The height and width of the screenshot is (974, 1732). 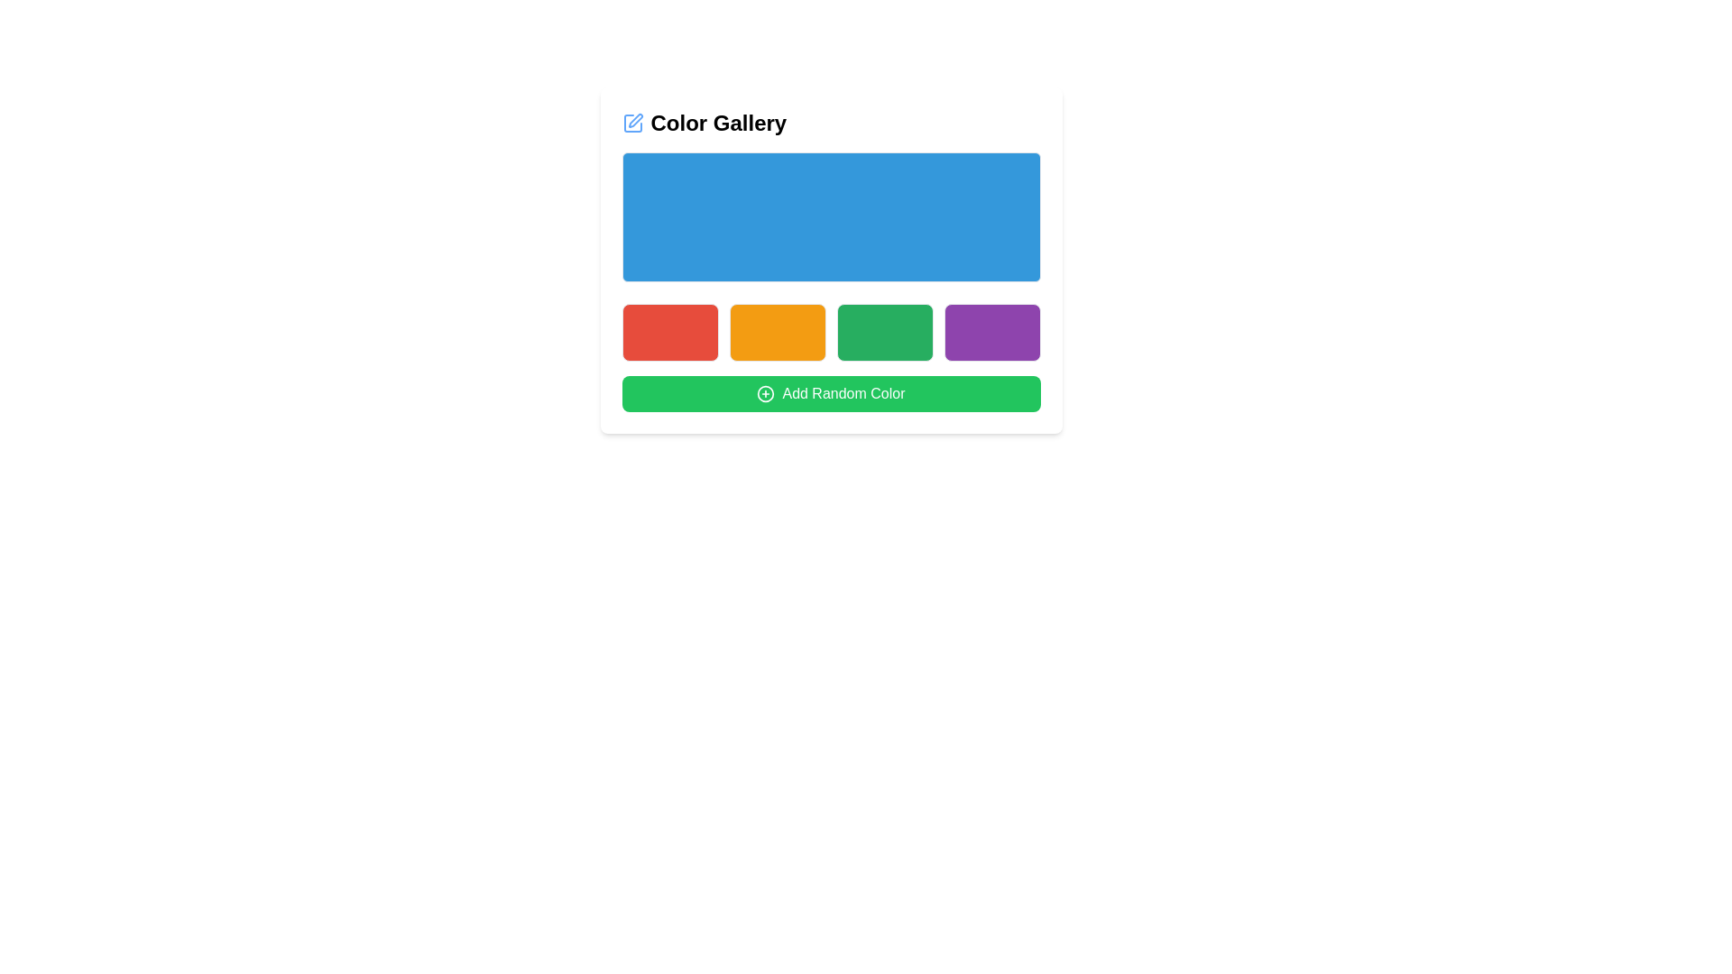 What do you see at coordinates (830, 333) in the screenshot?
I see `the Grid of buttons in the 'Color Gallery' panel, which is positioned below a blue rectangular area and above the 'Add Random Color' button` at bounding box center [830, 333].